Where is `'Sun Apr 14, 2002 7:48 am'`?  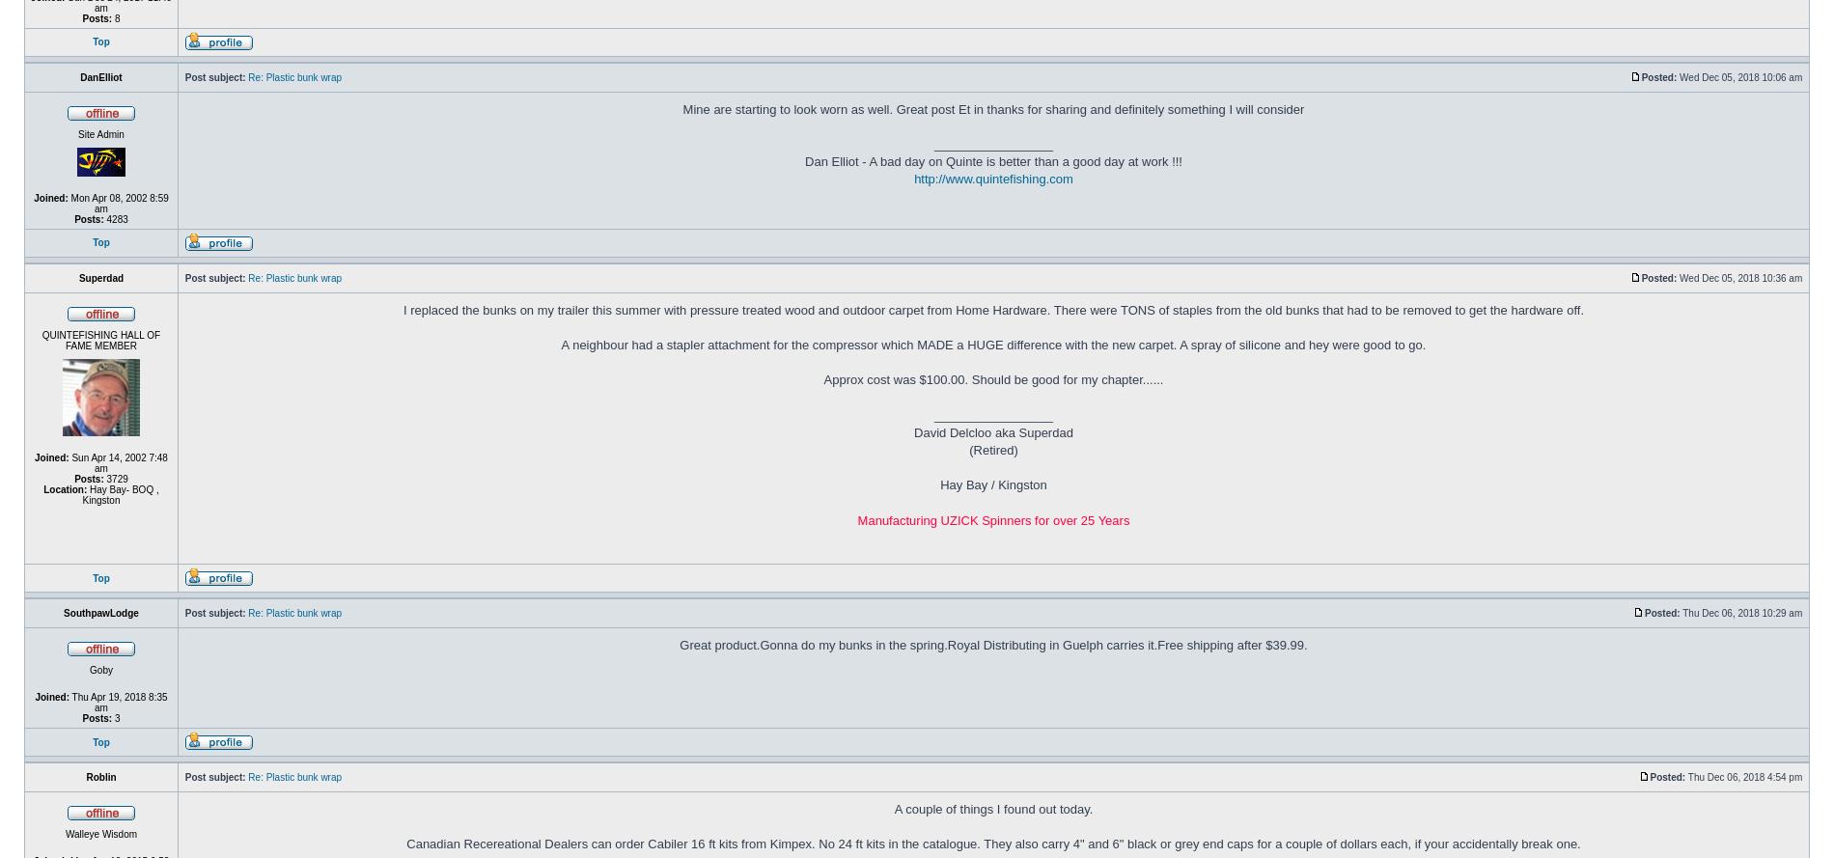 'Sun Apr 14, 2002 7:48 am' is located at coordinates (117, 460).